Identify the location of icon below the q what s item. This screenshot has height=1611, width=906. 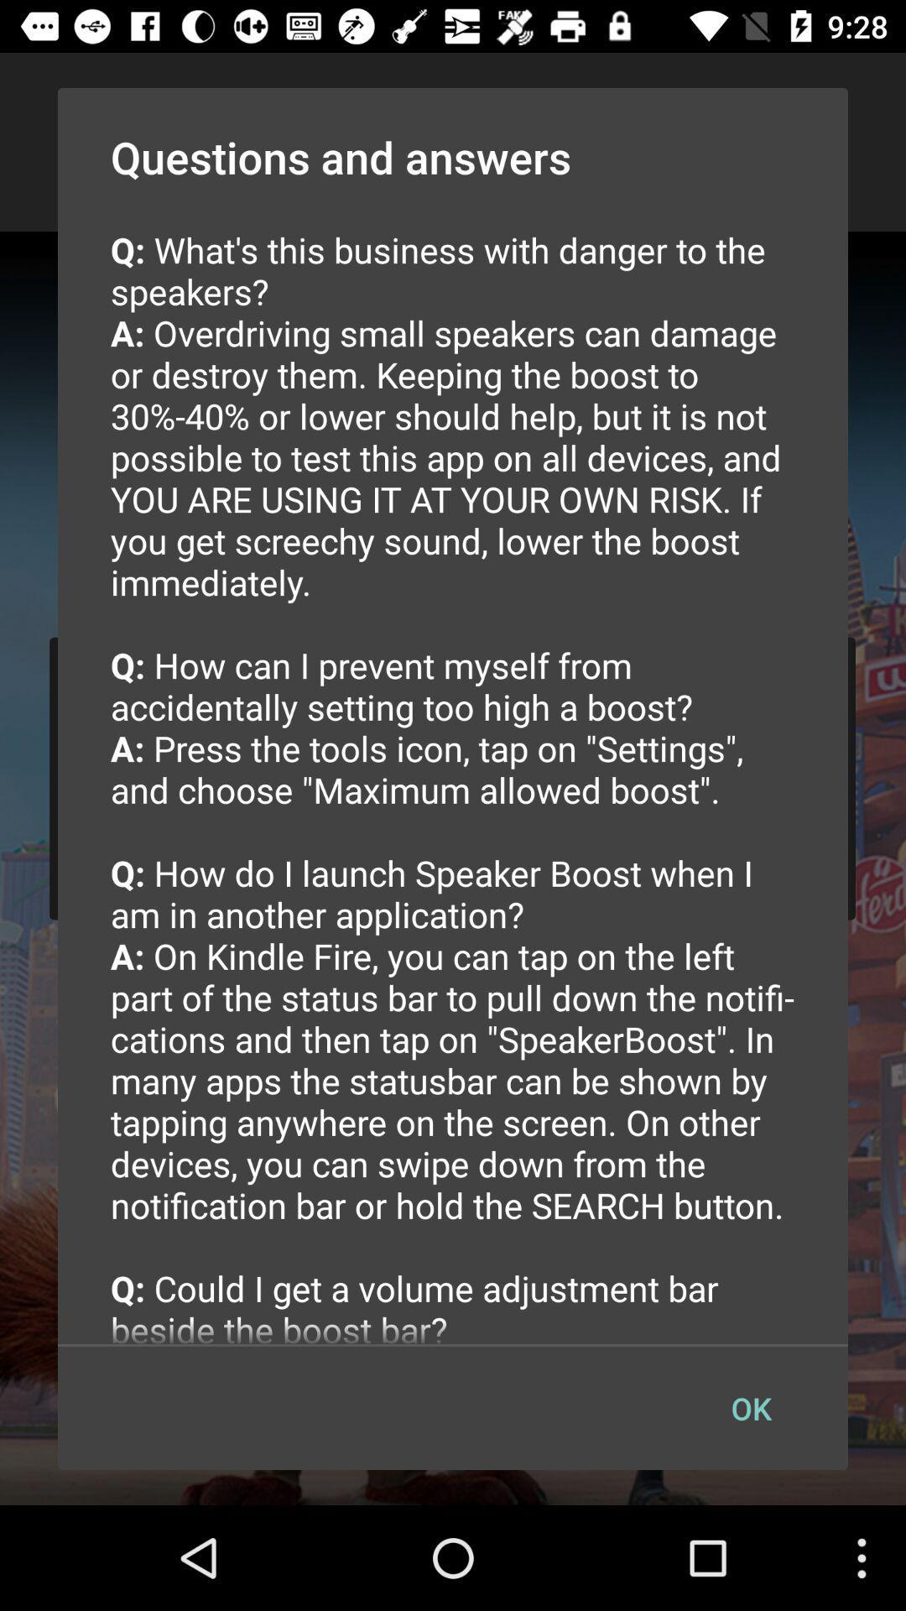
(750, 1408).